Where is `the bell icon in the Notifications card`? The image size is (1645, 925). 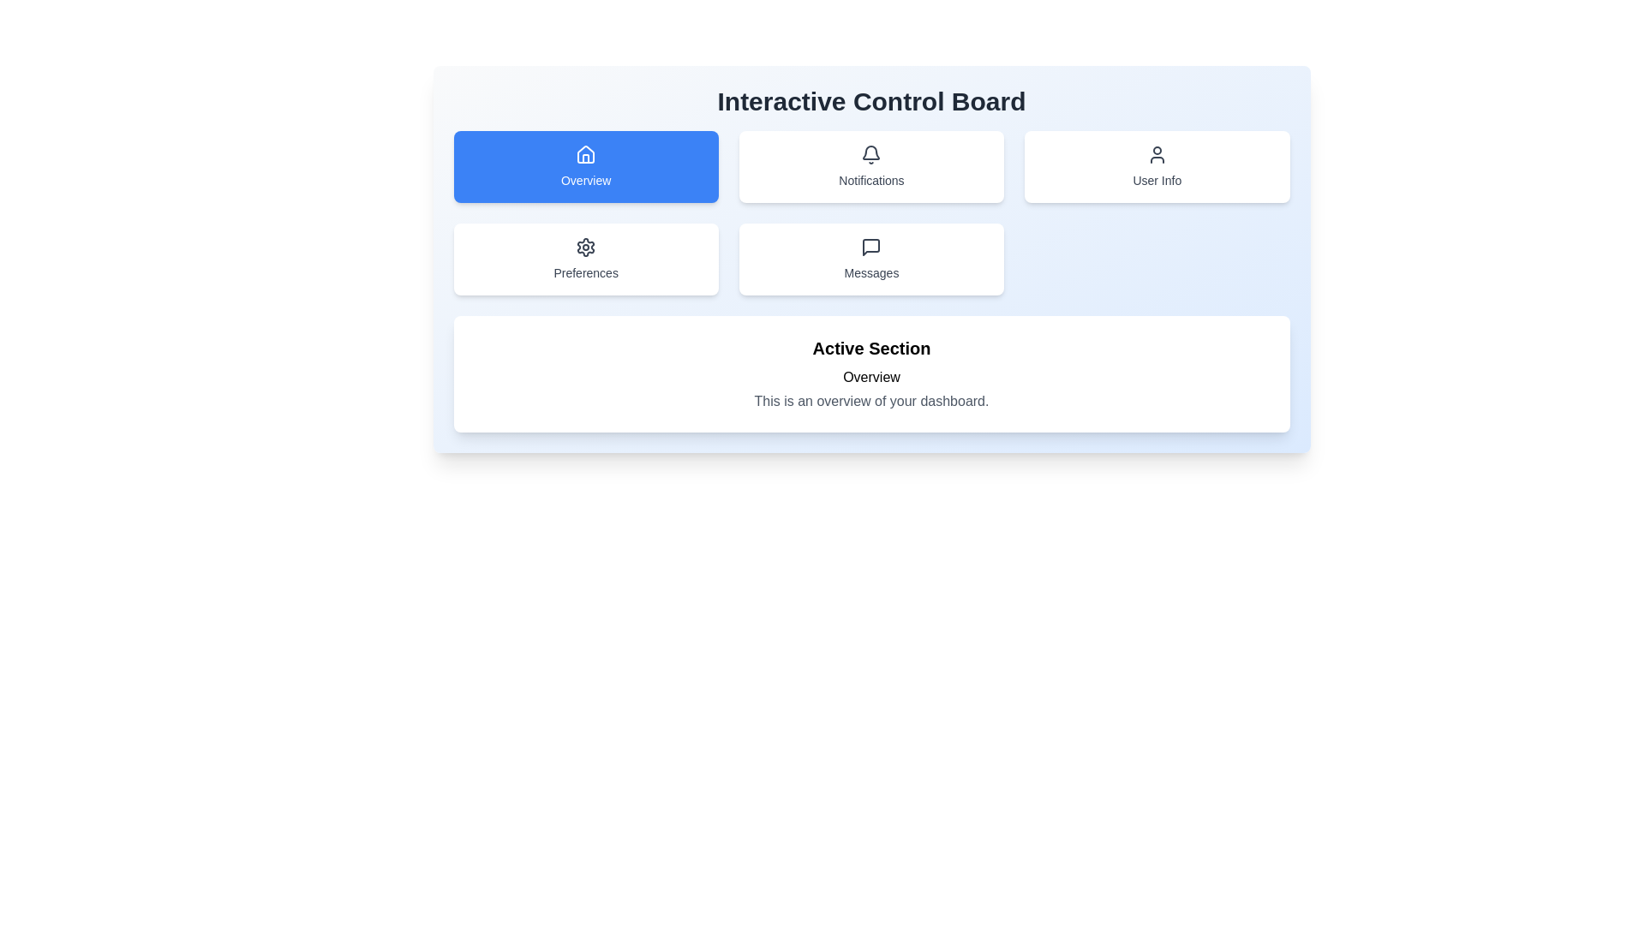
the bell icon in the Notifications card is located at coordinates (871, 155).